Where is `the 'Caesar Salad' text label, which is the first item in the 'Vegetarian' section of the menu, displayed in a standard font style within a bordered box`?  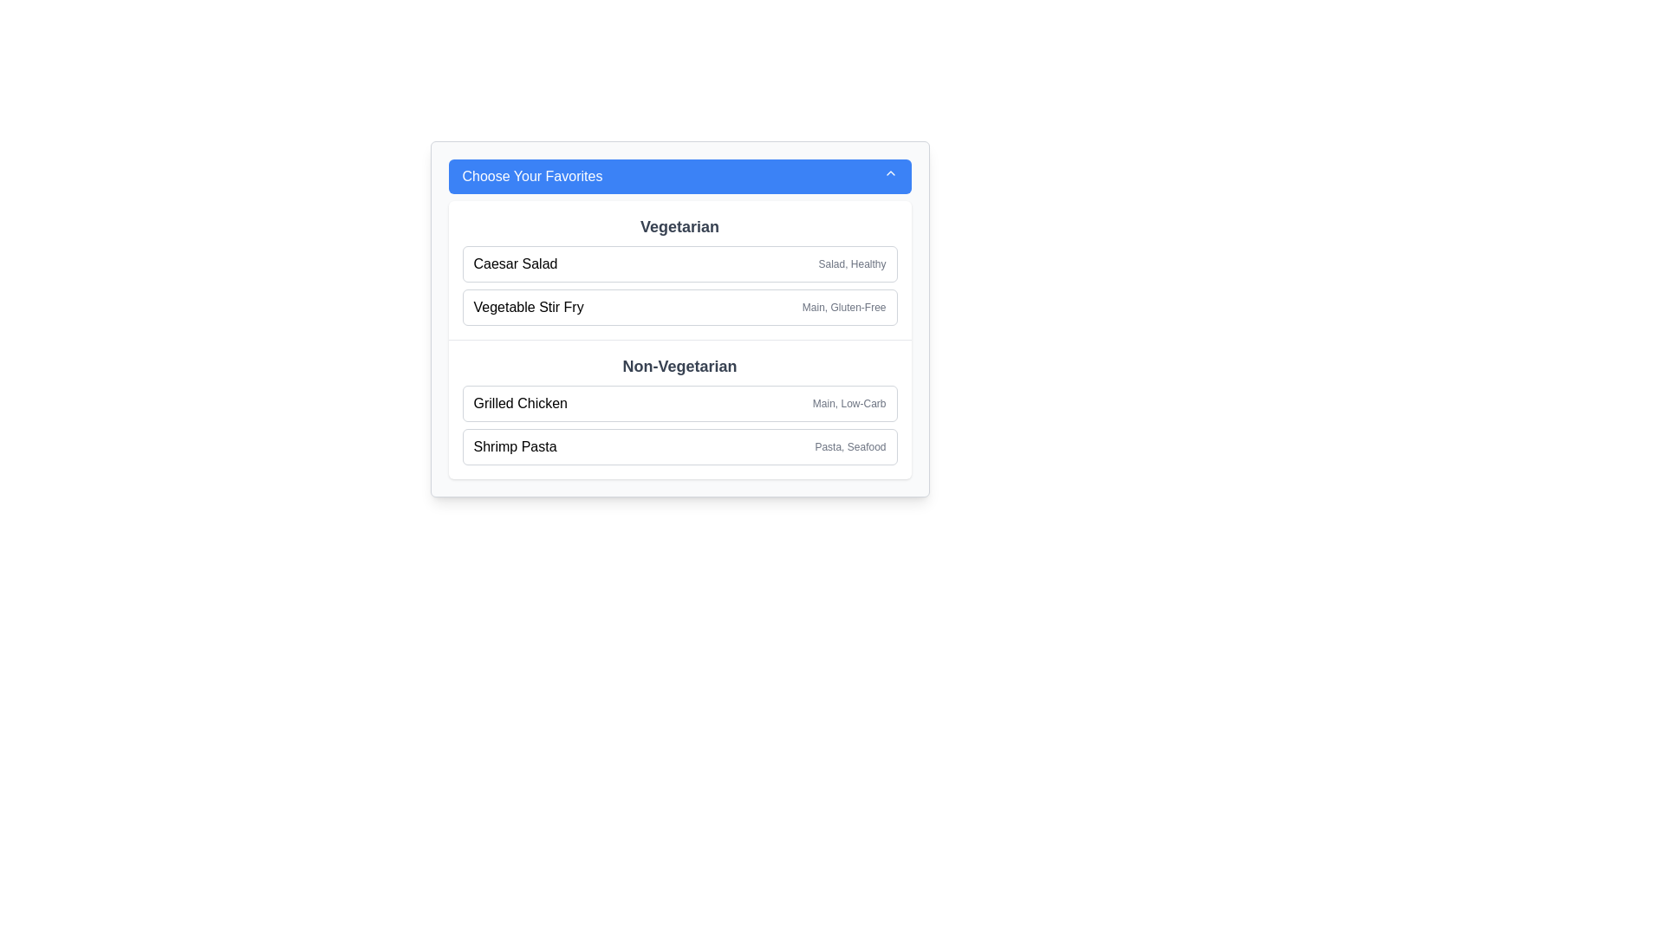
the 'Caesar Salad' text label, which is the first item in the 'Vegetarian' section of the menu, displayed in a standard font style within a bordered box is located at coordinates (515, 263).